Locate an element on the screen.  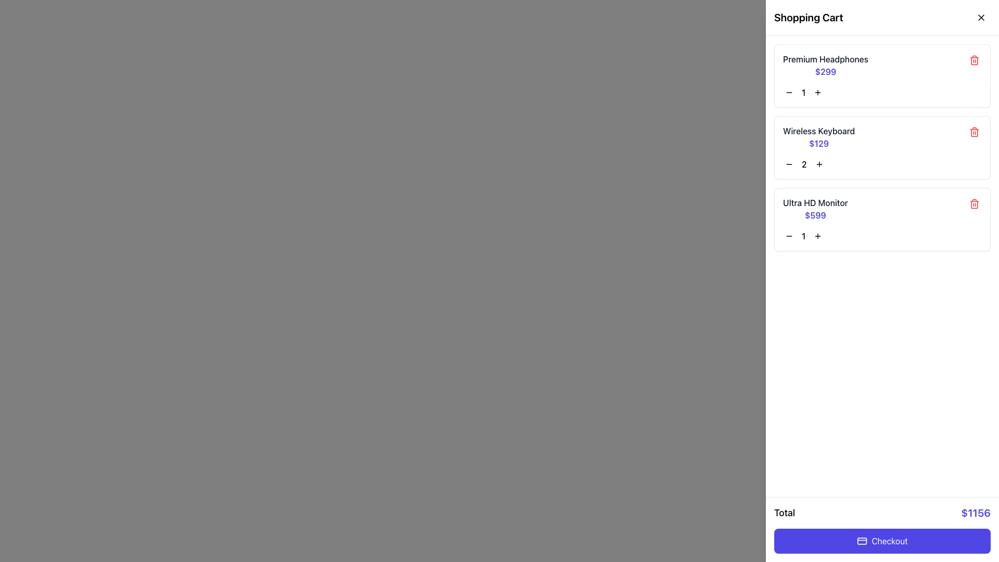
the product card representing the item in the shopping cart is located at coordinates (881, 148).